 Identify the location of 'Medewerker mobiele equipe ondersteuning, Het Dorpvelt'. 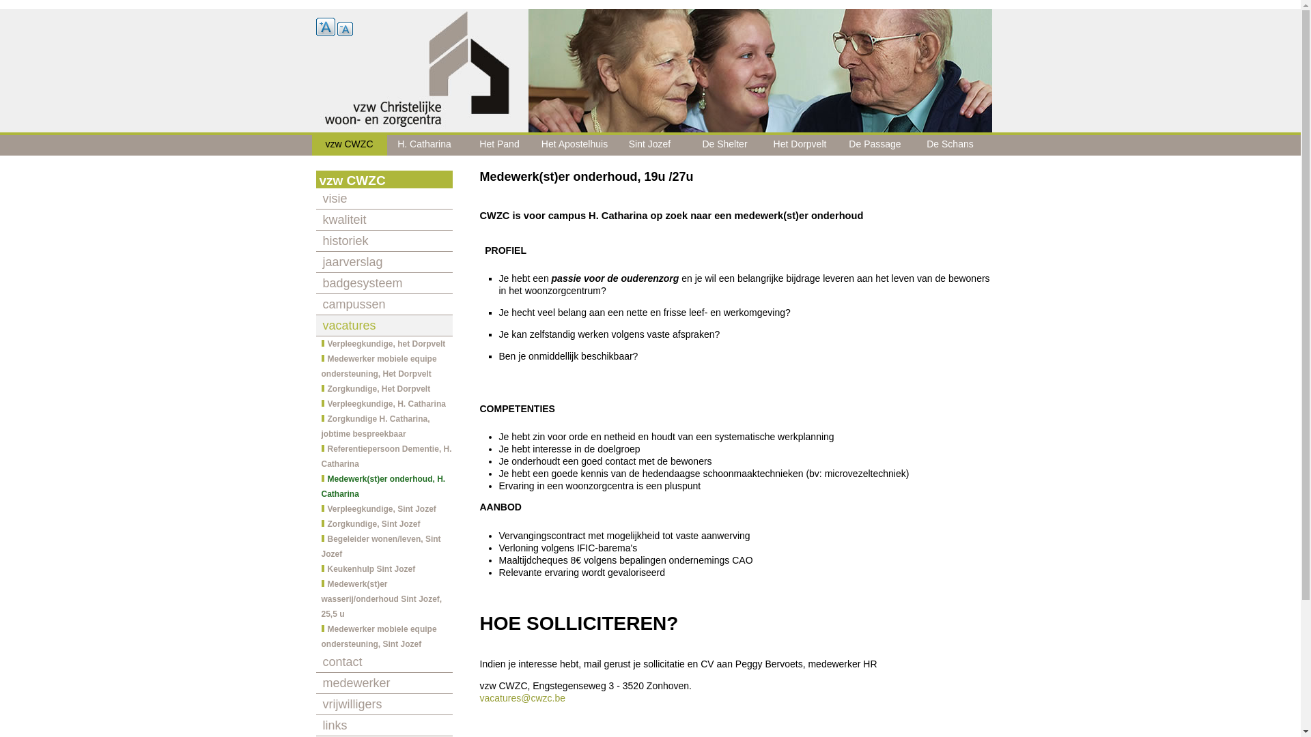
(382, 365).